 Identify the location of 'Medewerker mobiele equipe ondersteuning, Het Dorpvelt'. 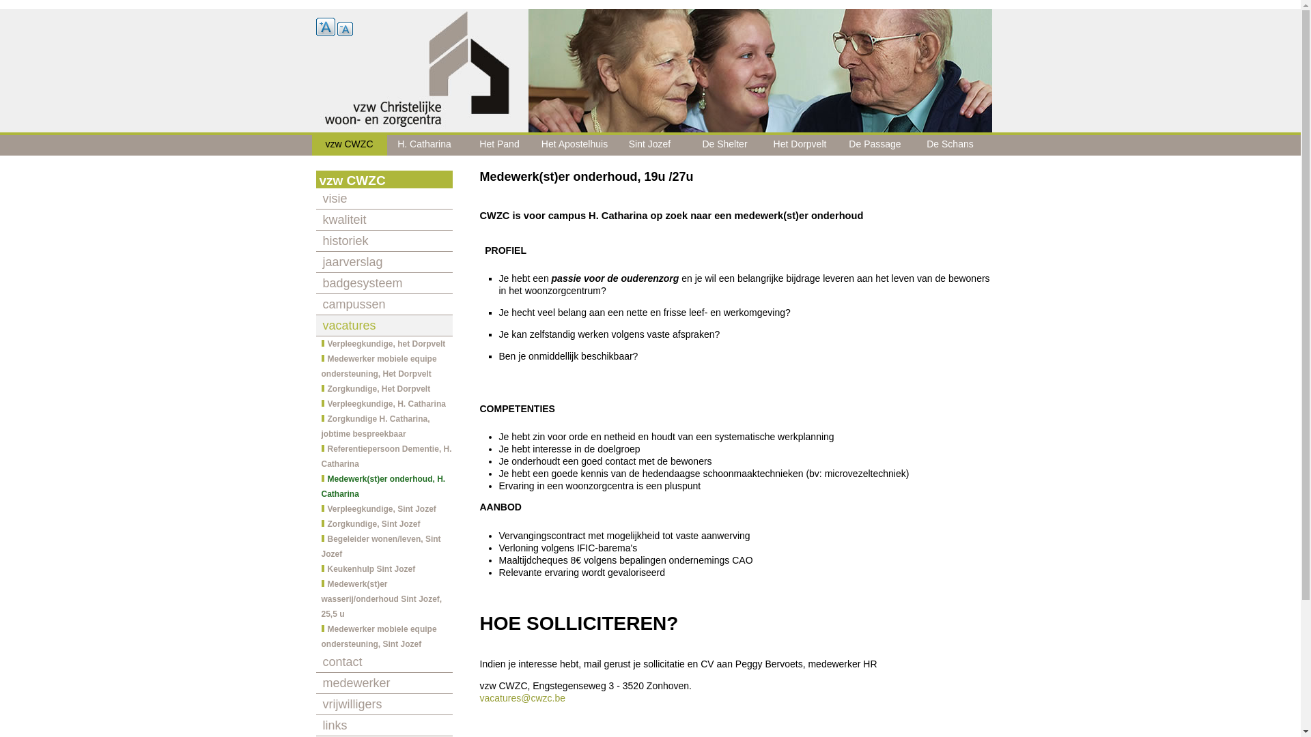
(382, 365).